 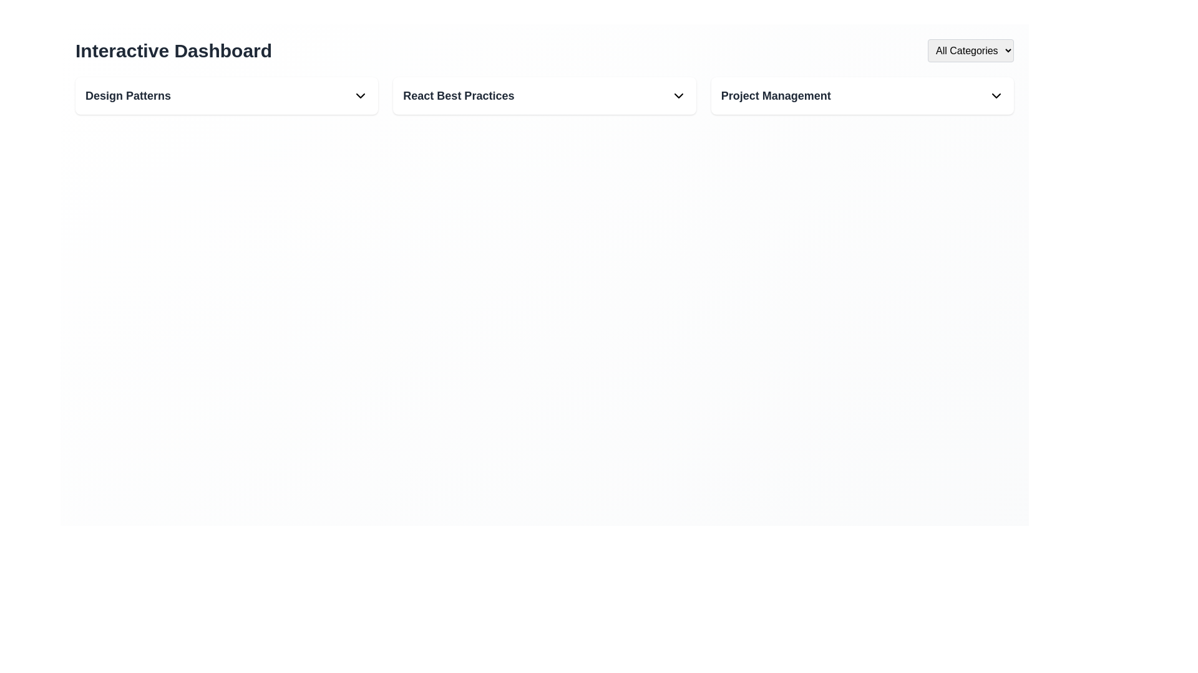 What do you see at coordinates (128, 95) in the screenshot?
I see `text label that serves as a title for the dropdown menu, located at the leftmost position in a horizontal layout next to a dropdown icon` at bounding box center [128, 95].